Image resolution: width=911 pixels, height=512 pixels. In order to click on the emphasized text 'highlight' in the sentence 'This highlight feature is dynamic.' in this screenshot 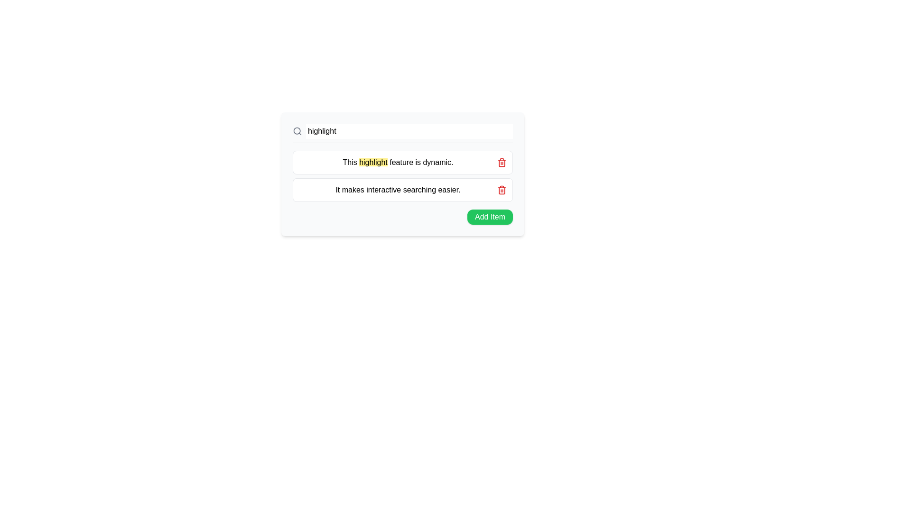, I will do `click(373, 162)`.